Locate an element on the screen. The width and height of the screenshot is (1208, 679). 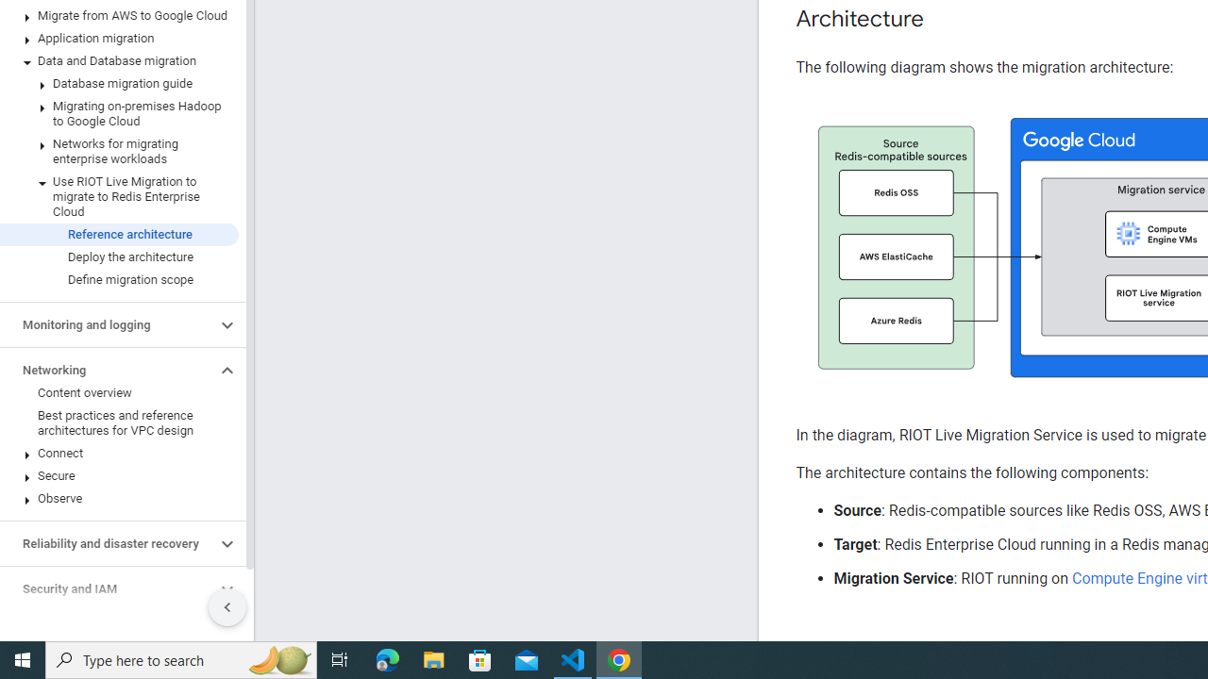
'Database migration guide' is located at coordinates (118, 82).